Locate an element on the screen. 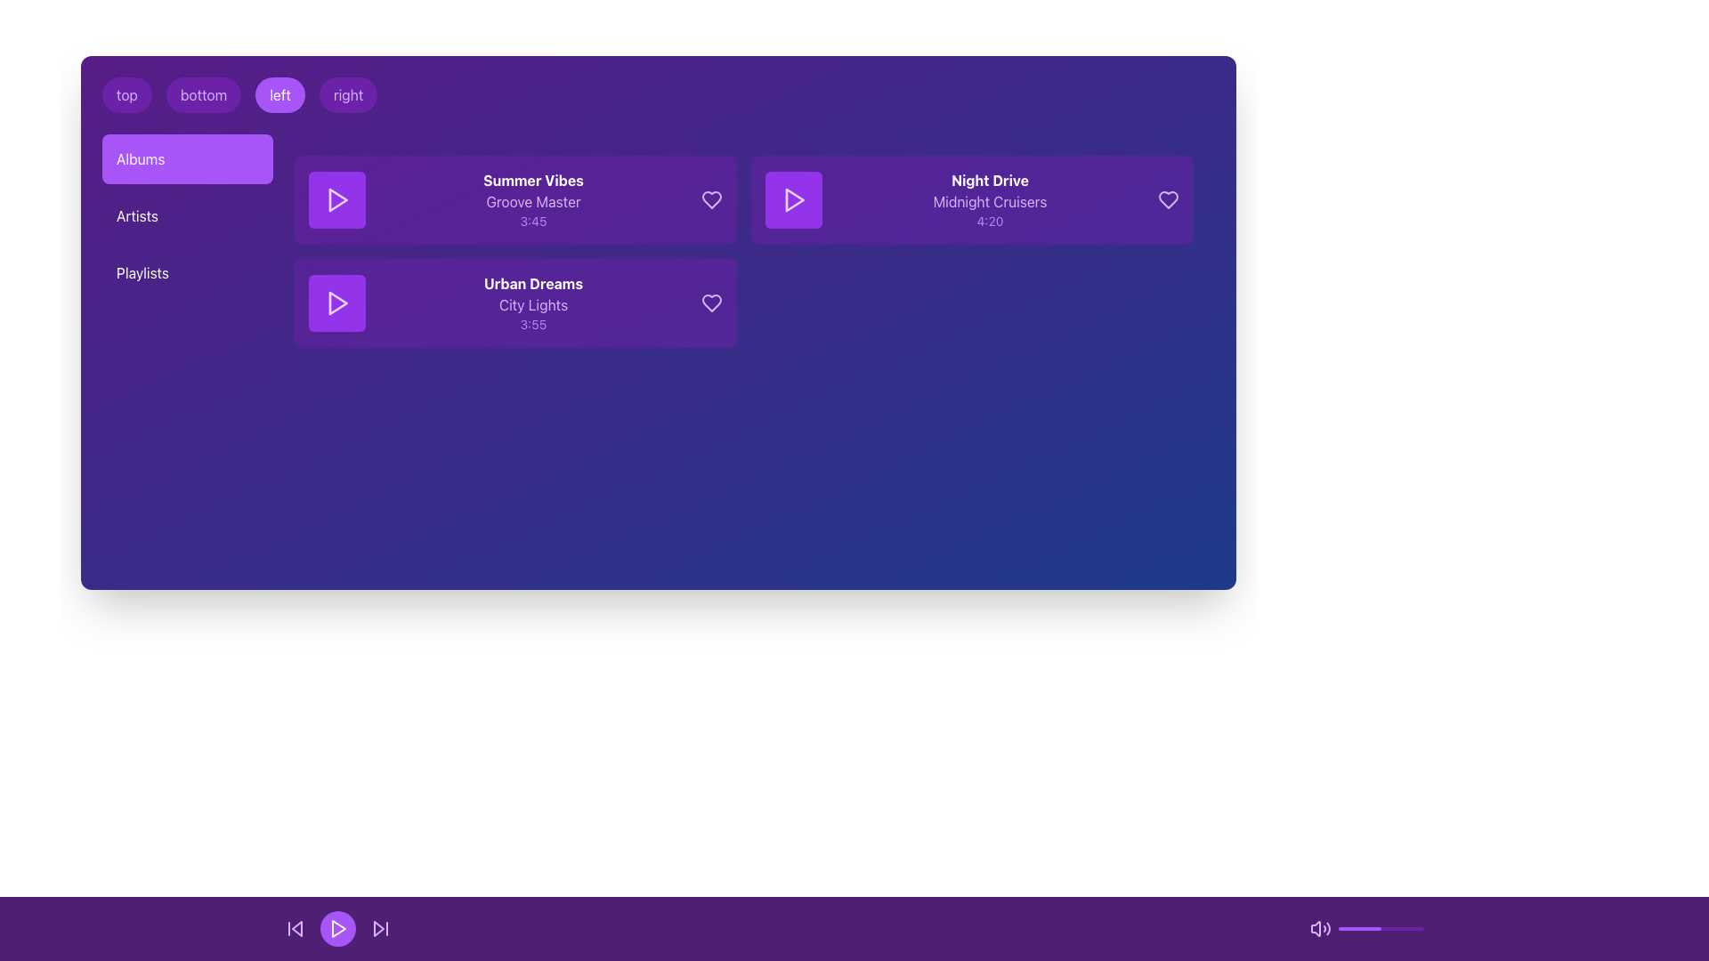 The image size is (1709, 961). the heart-shaped icon with a purple outline is located at coordinates (712, 199).